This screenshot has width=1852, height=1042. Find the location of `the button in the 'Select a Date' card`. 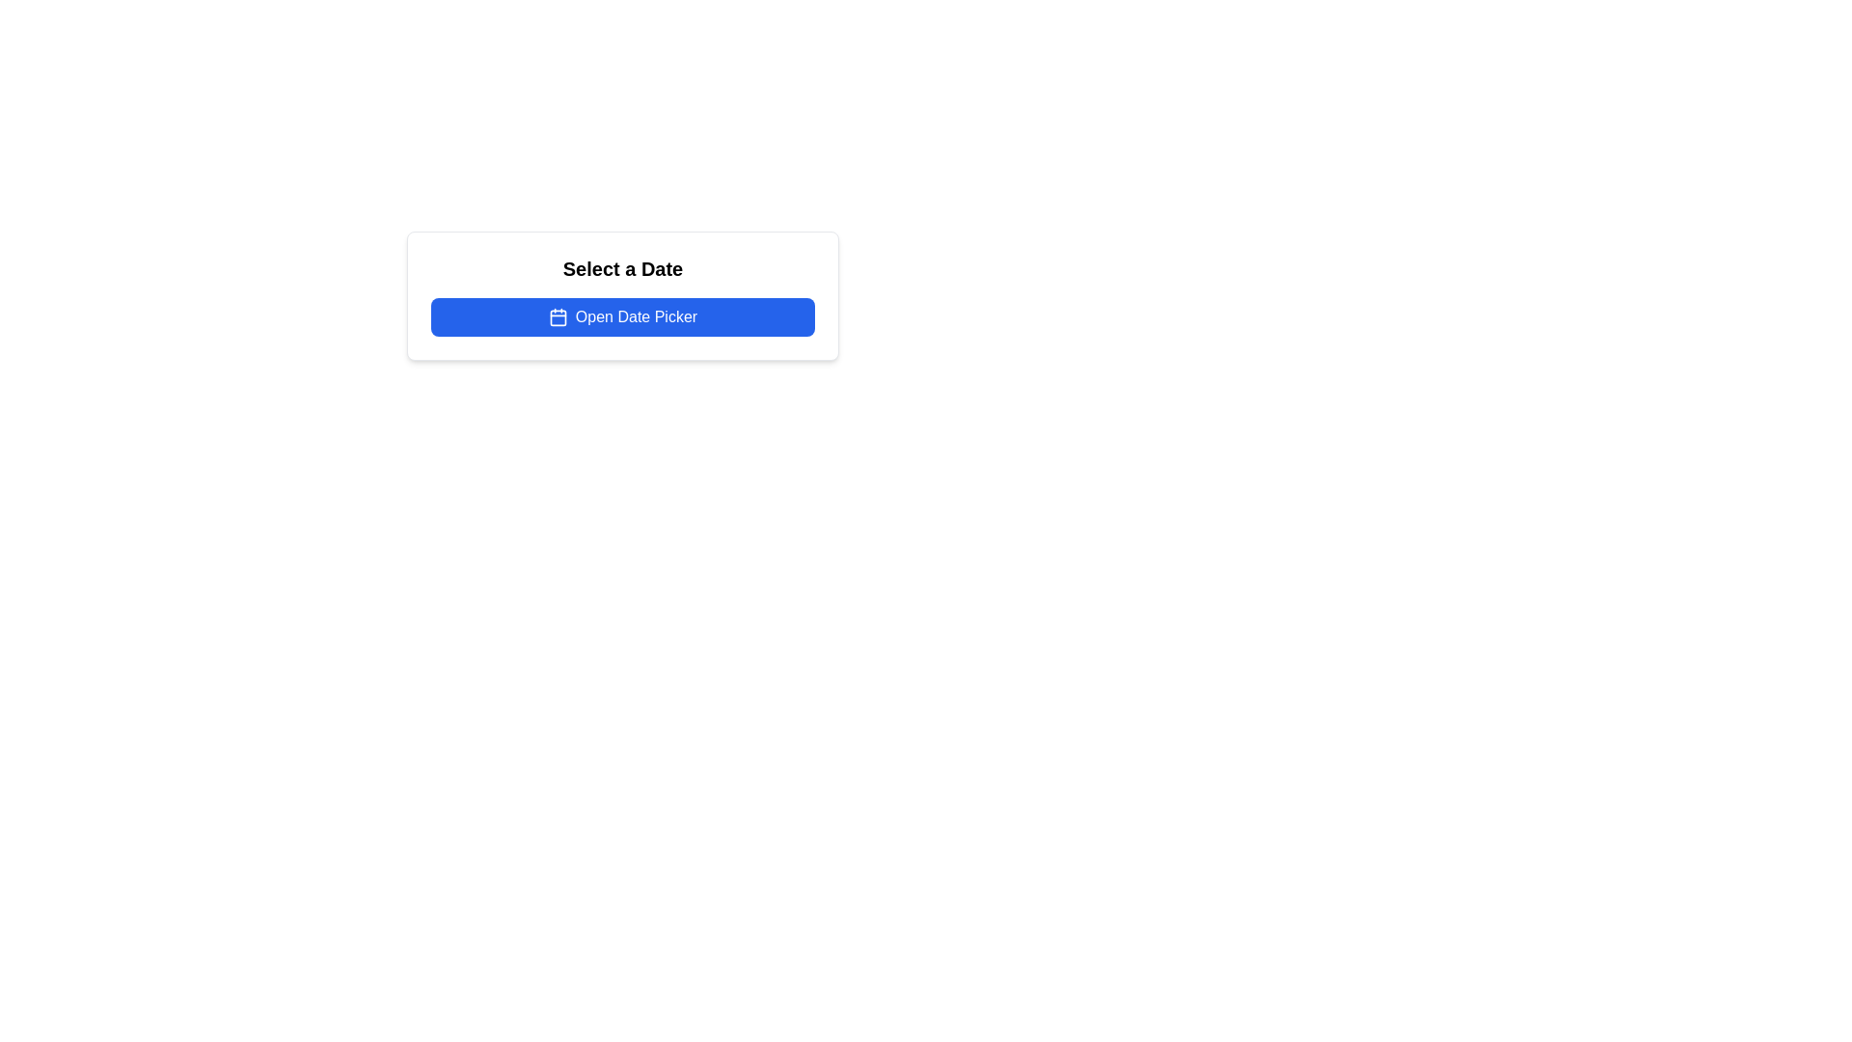

the button in the 'Select a Date' card is located at coordinates (623, 296).